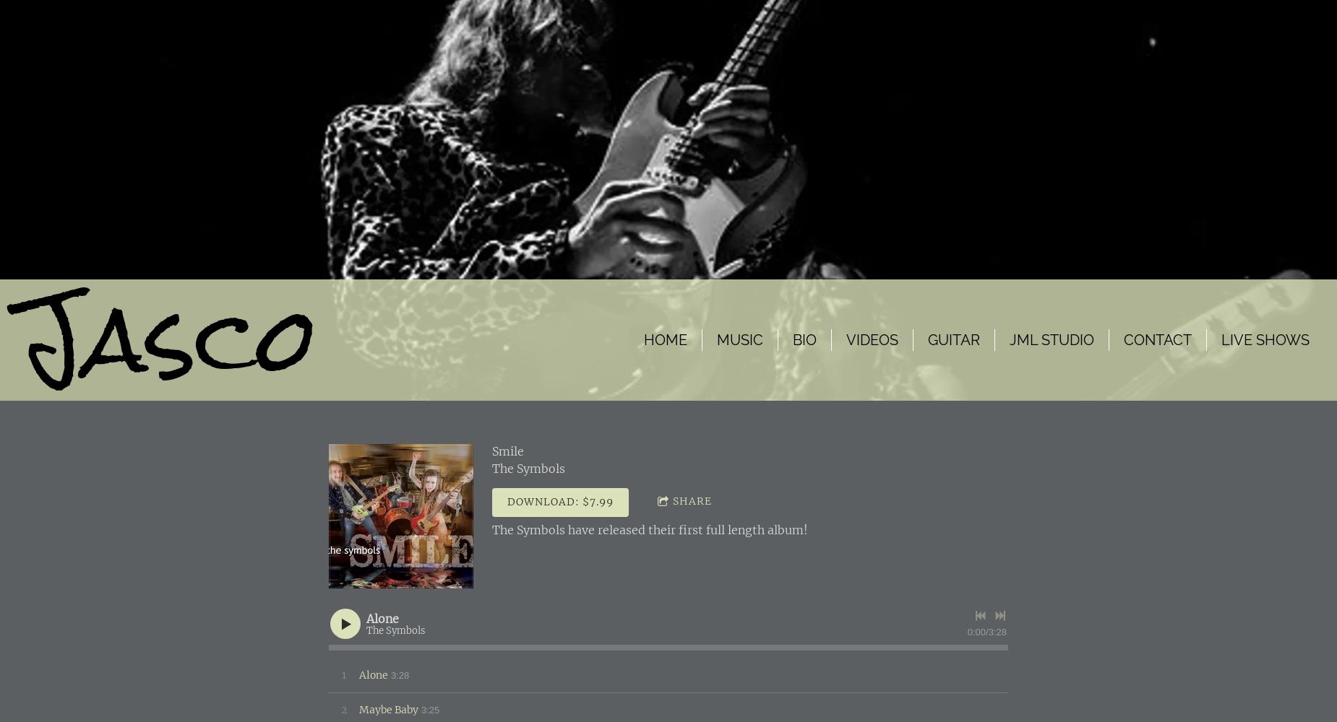 Image resolution: width=1337 pixels, height=722 pixels. What do you see at coordinates (508, 451) in the screenshot?
I see `'Smile'` at bounding box center [508, 451].